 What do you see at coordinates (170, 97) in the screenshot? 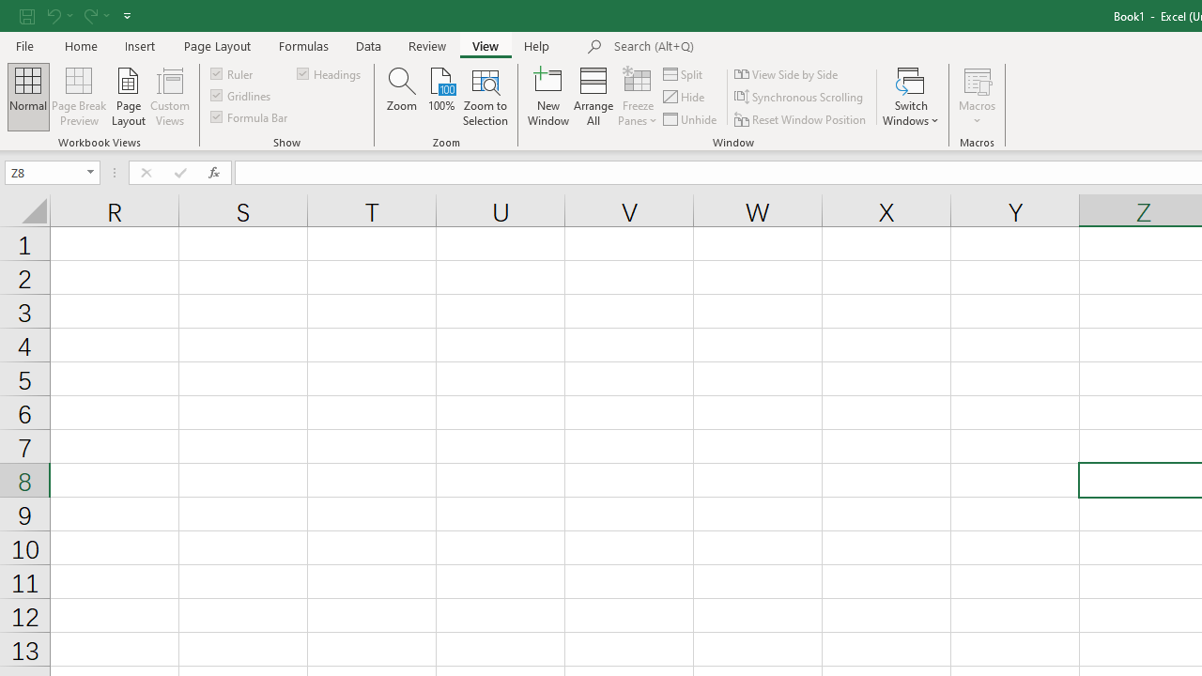
I see `'Custom Views...'` at bounding box center [170, 97].